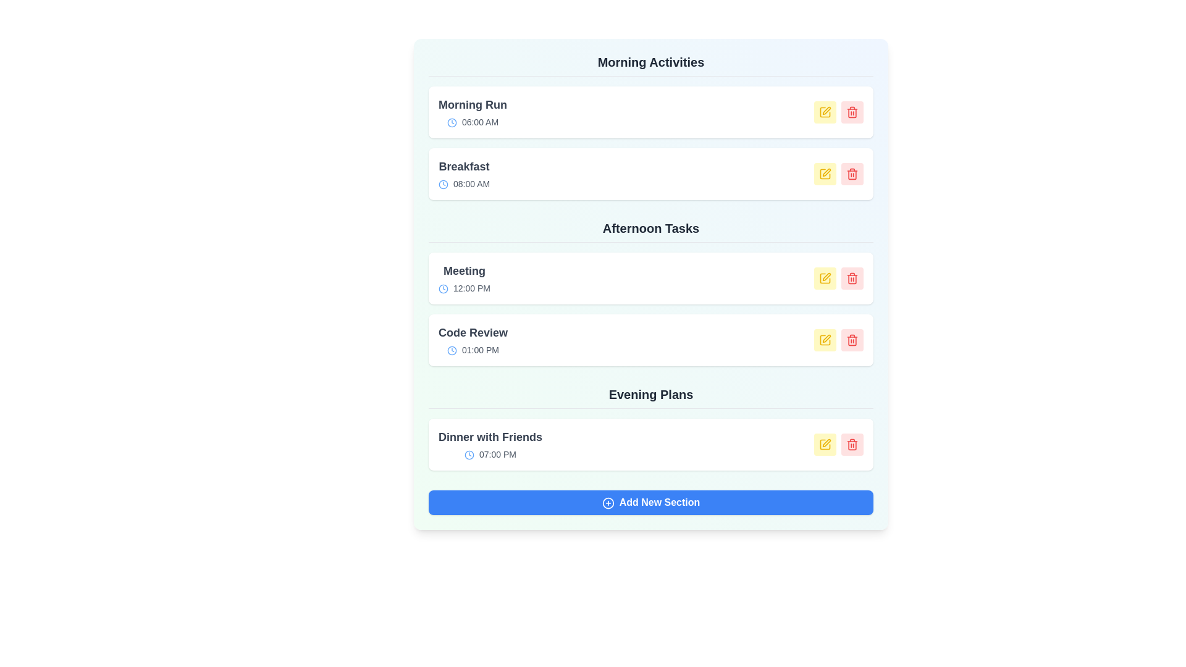  What do you see at coordinates (852, 112) in the screenshot?
I see `delete button for the event Morning Run` at bounding box center [852, 112].